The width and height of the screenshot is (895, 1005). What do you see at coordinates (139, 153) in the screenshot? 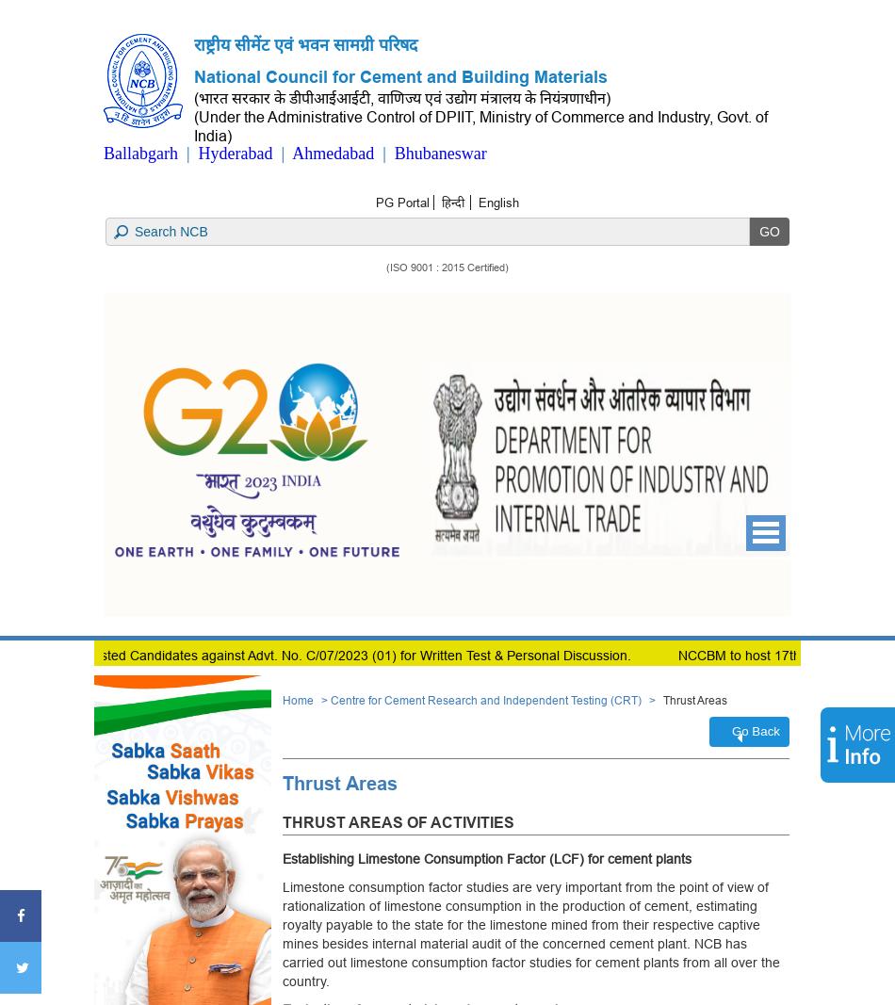
I see `'Ballabgarh'` at bounding box center [139, 153].